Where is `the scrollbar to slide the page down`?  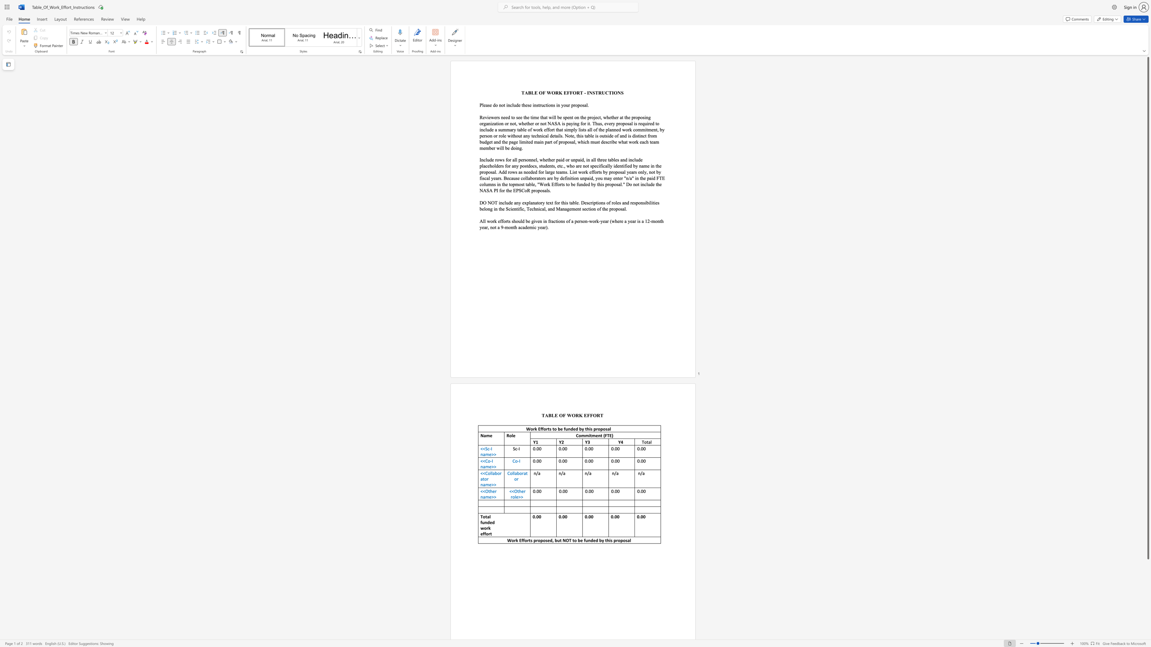
the scrollbar to slide the page down is located at coordinates (1147, 581).